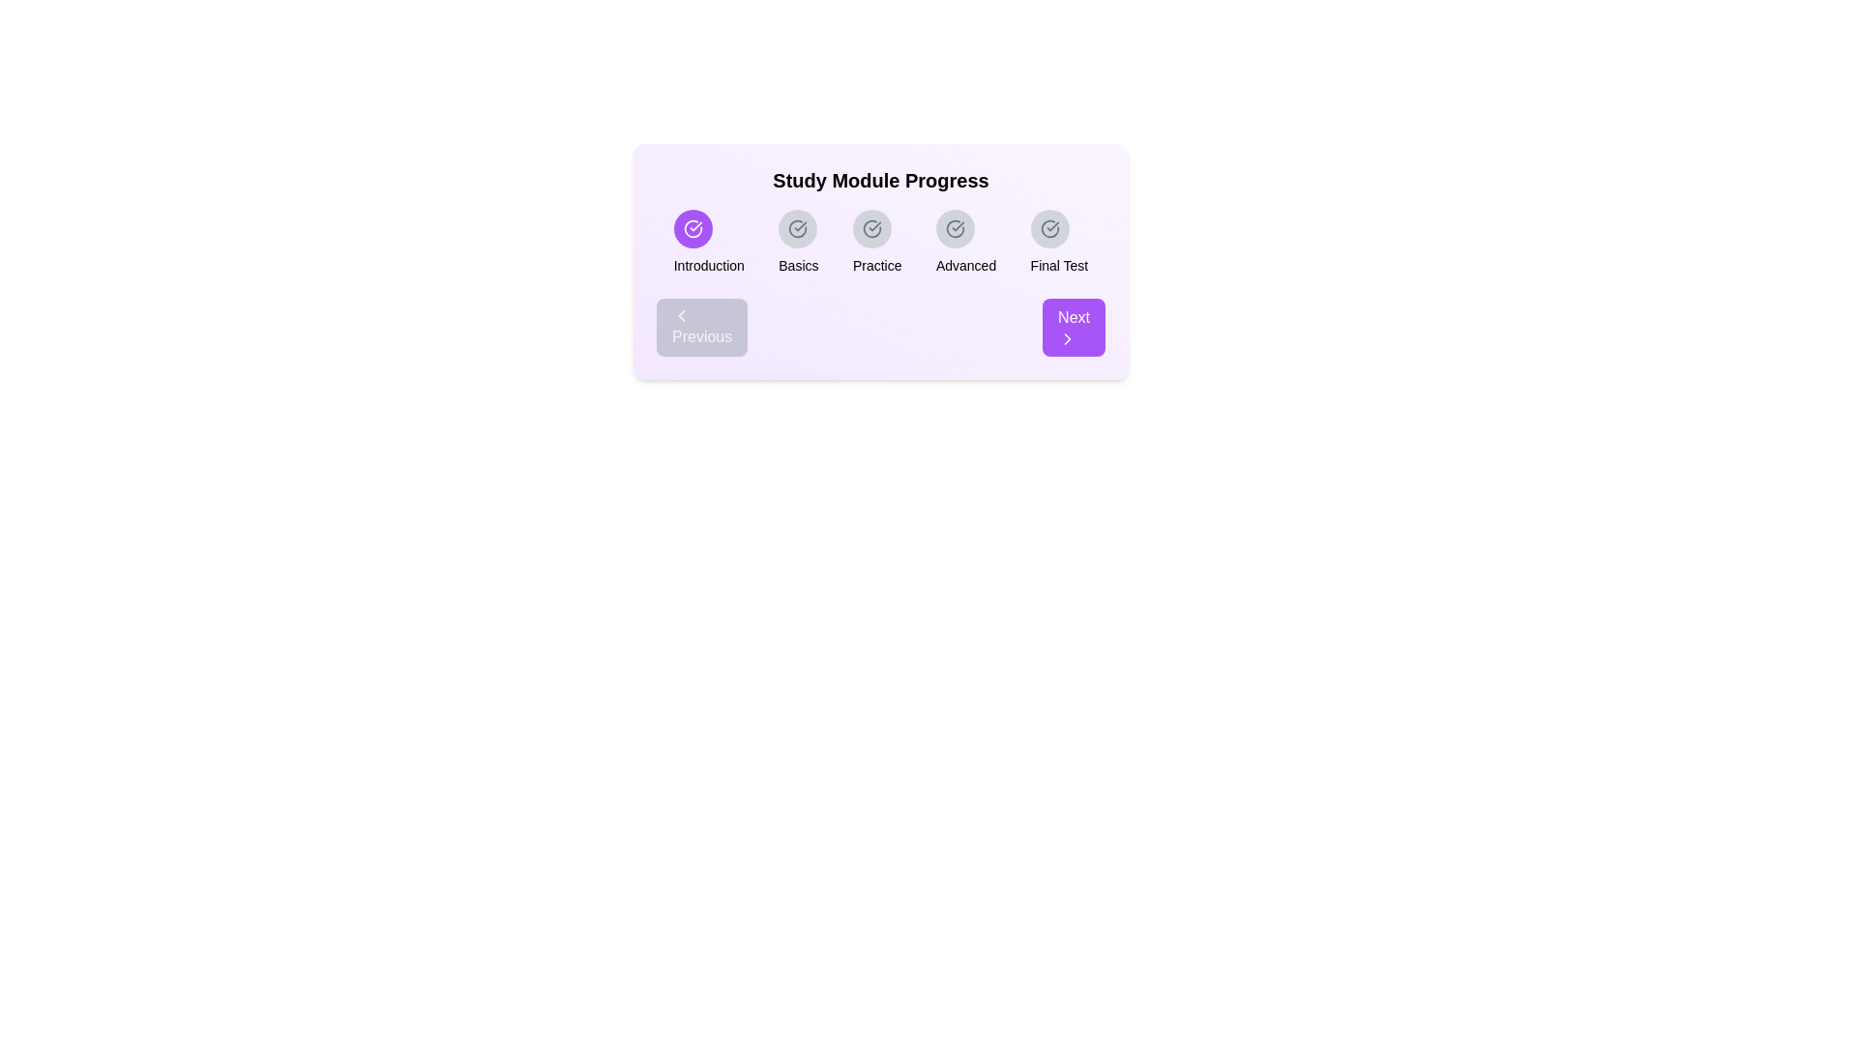 The width and height of the screenshot is (1857, 1044). What do you see at coordinates (798, 227) in the screenshot?
I see `the confirmation status icon located in the second circle from the left within the 'Basics' section of the interface` at bounding box center [798, 227].